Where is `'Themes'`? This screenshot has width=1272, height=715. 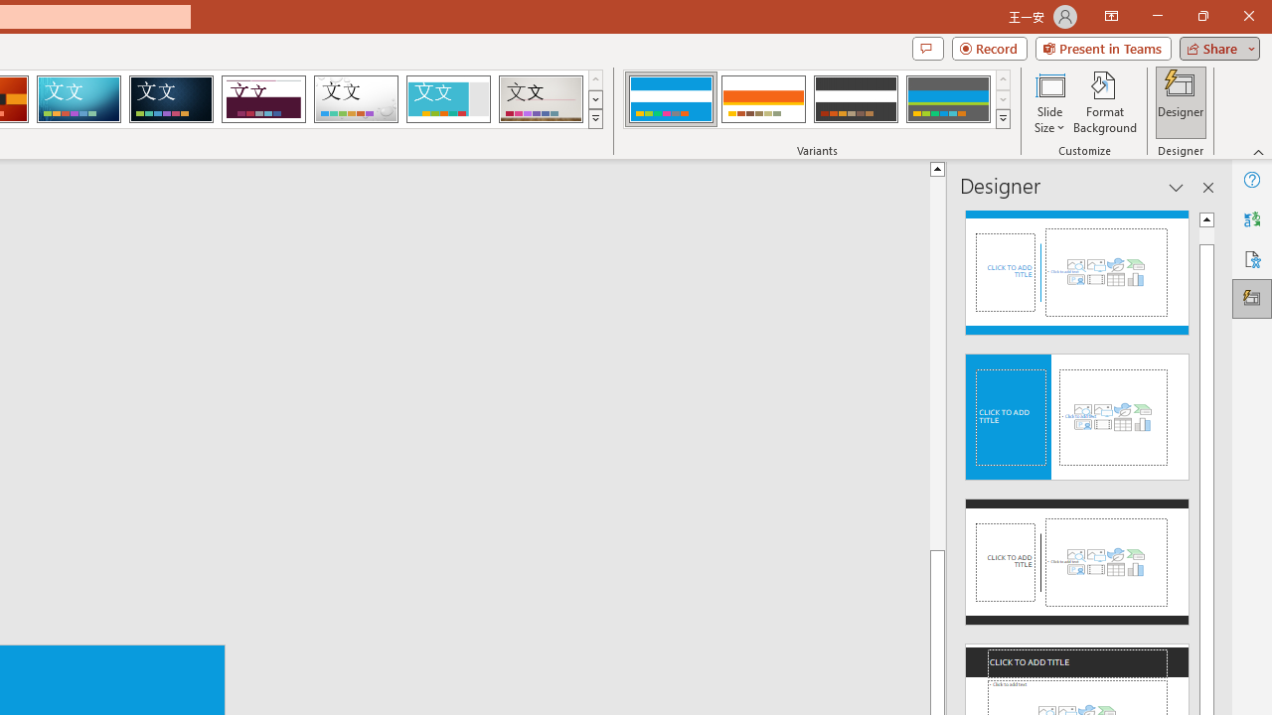 'Themes' is located at coordinates (594, 119).